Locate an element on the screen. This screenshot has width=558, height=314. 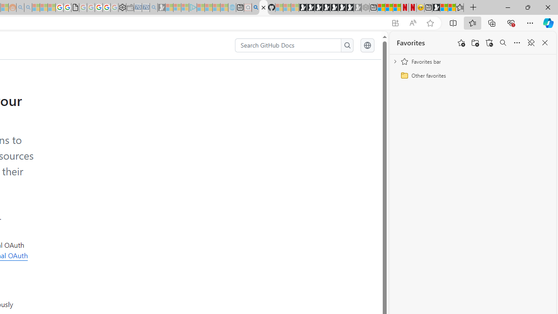
'Play Free Online Games | Games from Microsoft Start' is located at coordinates (303, 7).